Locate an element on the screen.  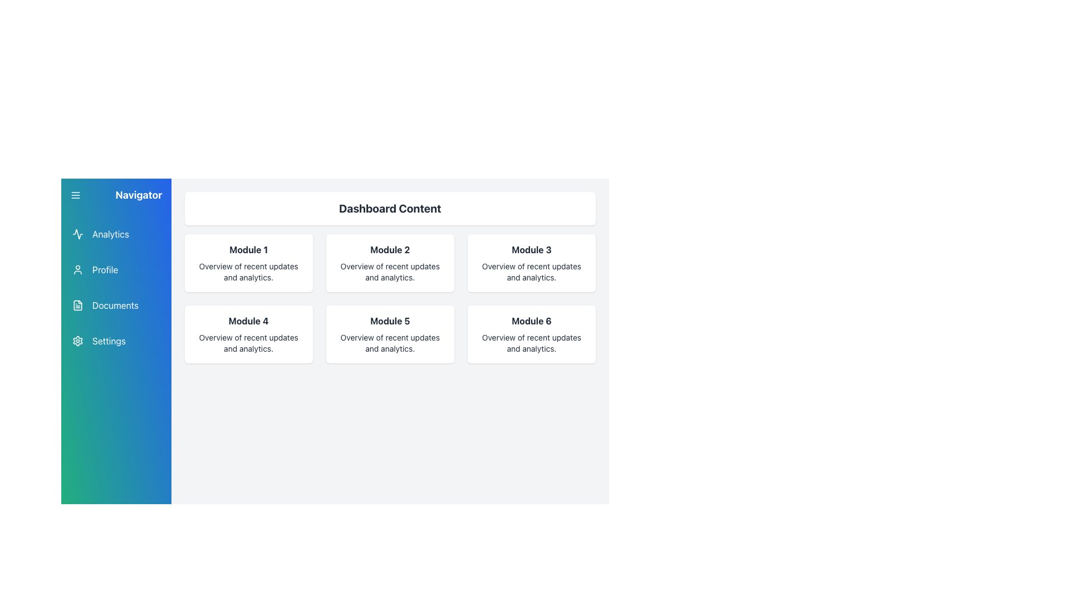
the first menu item in the sidebar is located at coordinates (116, 233).